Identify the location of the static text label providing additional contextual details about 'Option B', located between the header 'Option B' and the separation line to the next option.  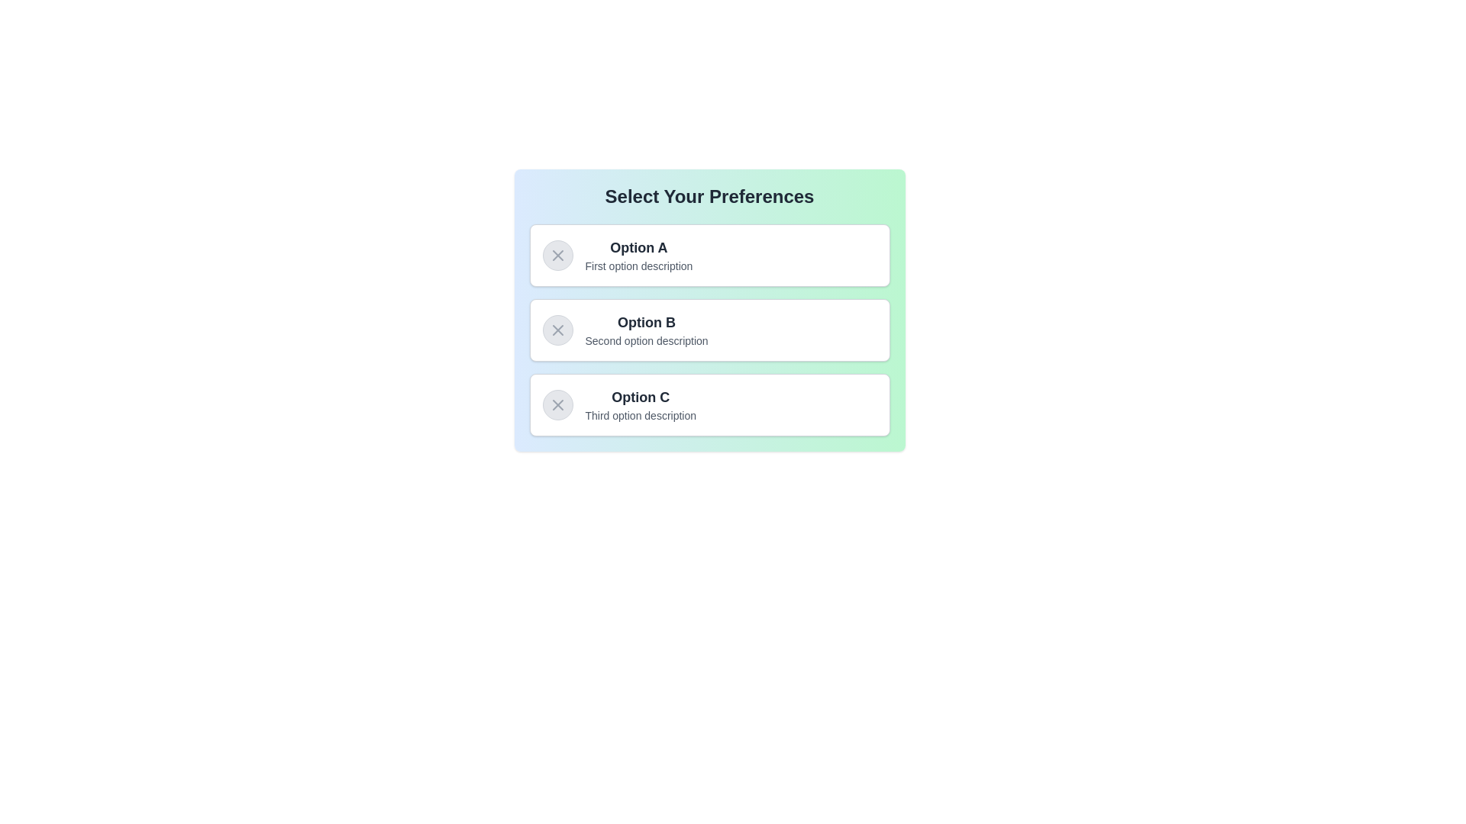
(647, 340).